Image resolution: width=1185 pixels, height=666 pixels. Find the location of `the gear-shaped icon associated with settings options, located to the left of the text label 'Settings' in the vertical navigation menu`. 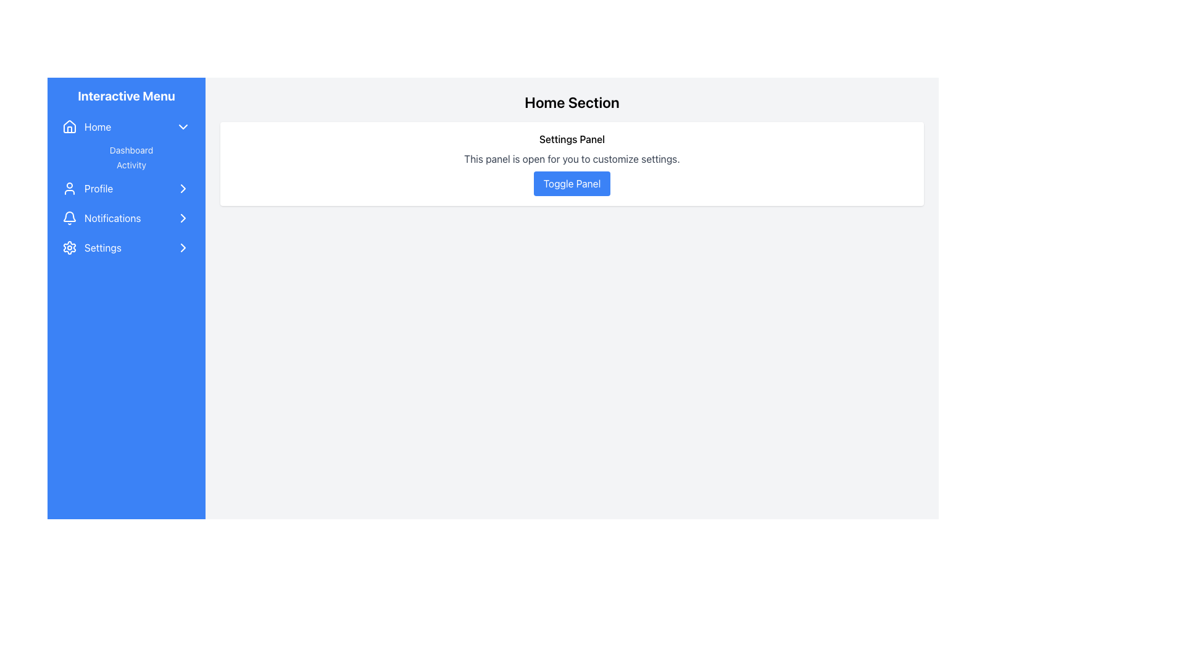

the gear-shaped icon associated with settings options, located to the left of the text label 'Settings' in the vertical navigation menu is located at coordinates (69, 247).